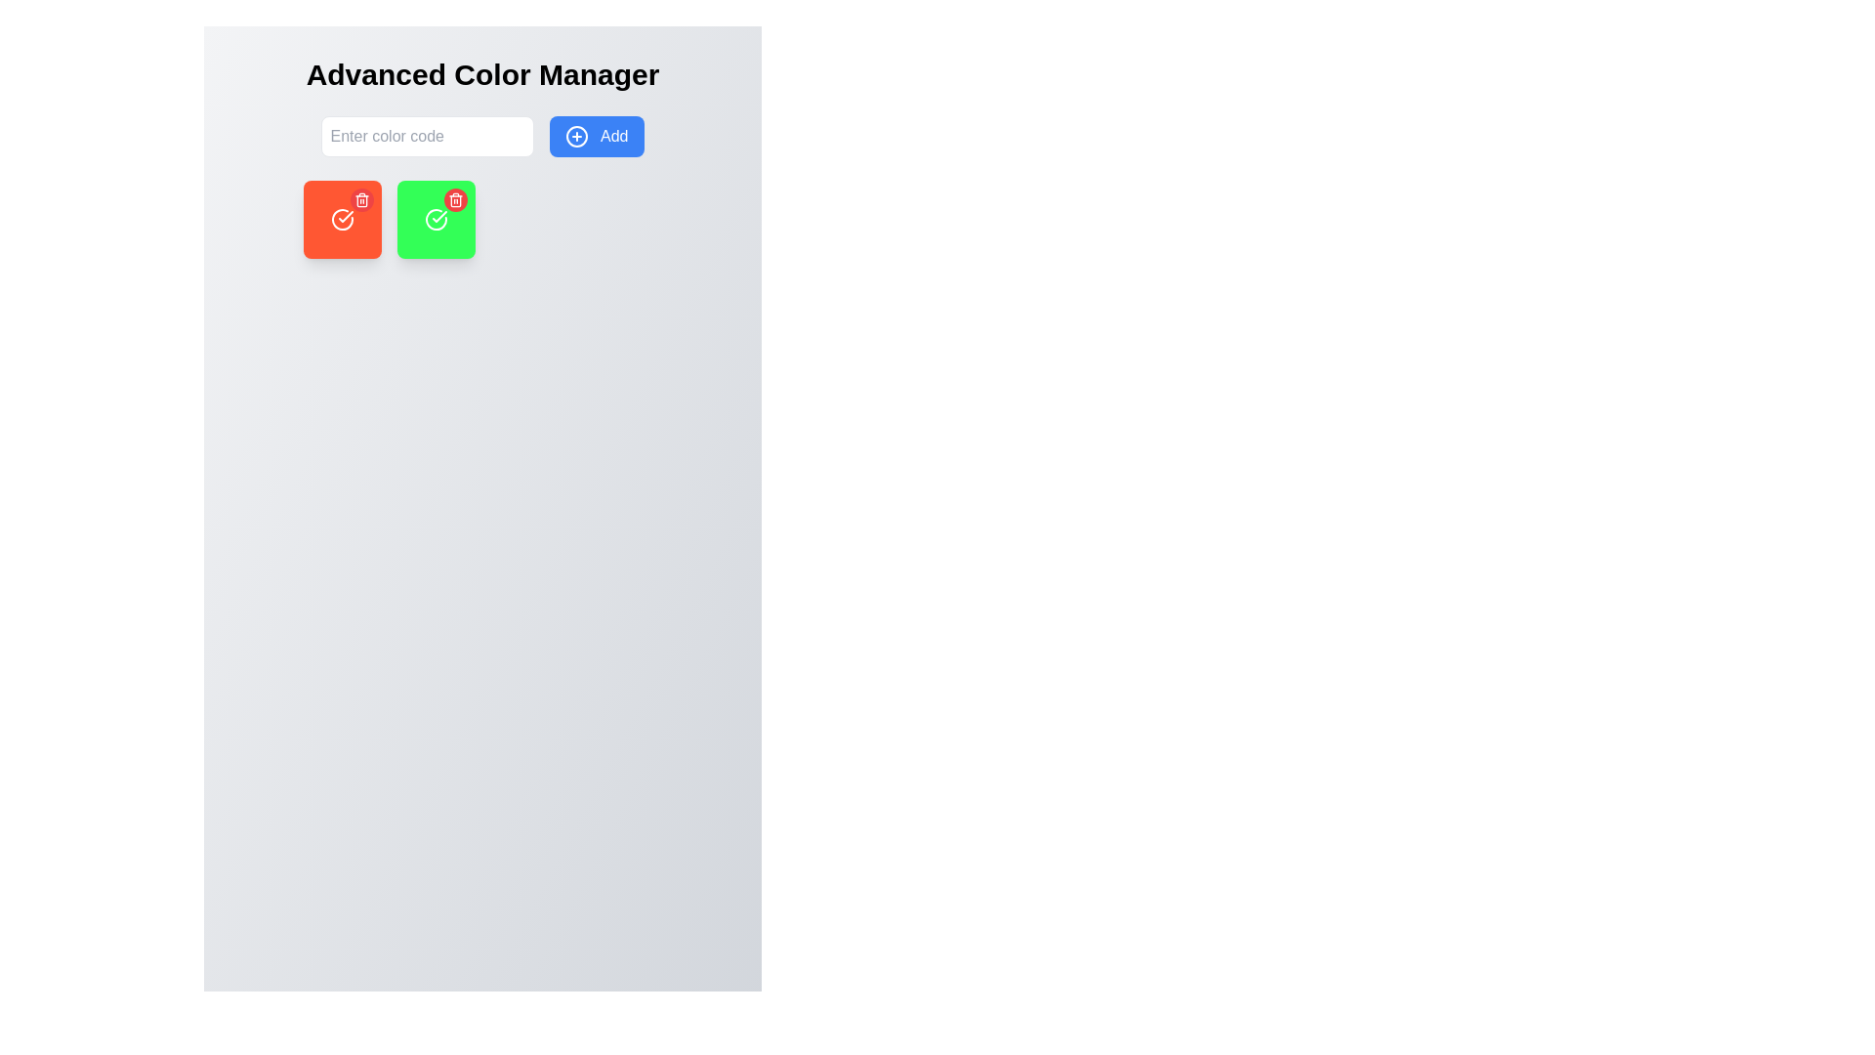 This screenshot has width=1875, height=1055. Describe the element at coordinates (576, 136) in the screenshot. I see `the circular icon with a plus sign at its center, which is part of the blue 'Add' button` at that location.